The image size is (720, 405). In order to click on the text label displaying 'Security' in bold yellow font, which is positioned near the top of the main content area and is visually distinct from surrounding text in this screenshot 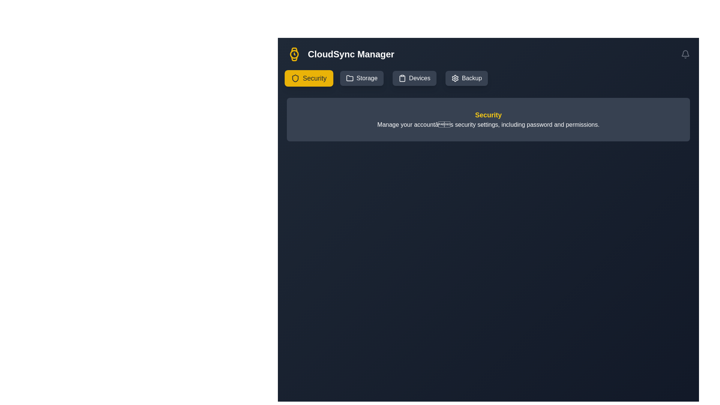, I will do `click(488, 115)`.